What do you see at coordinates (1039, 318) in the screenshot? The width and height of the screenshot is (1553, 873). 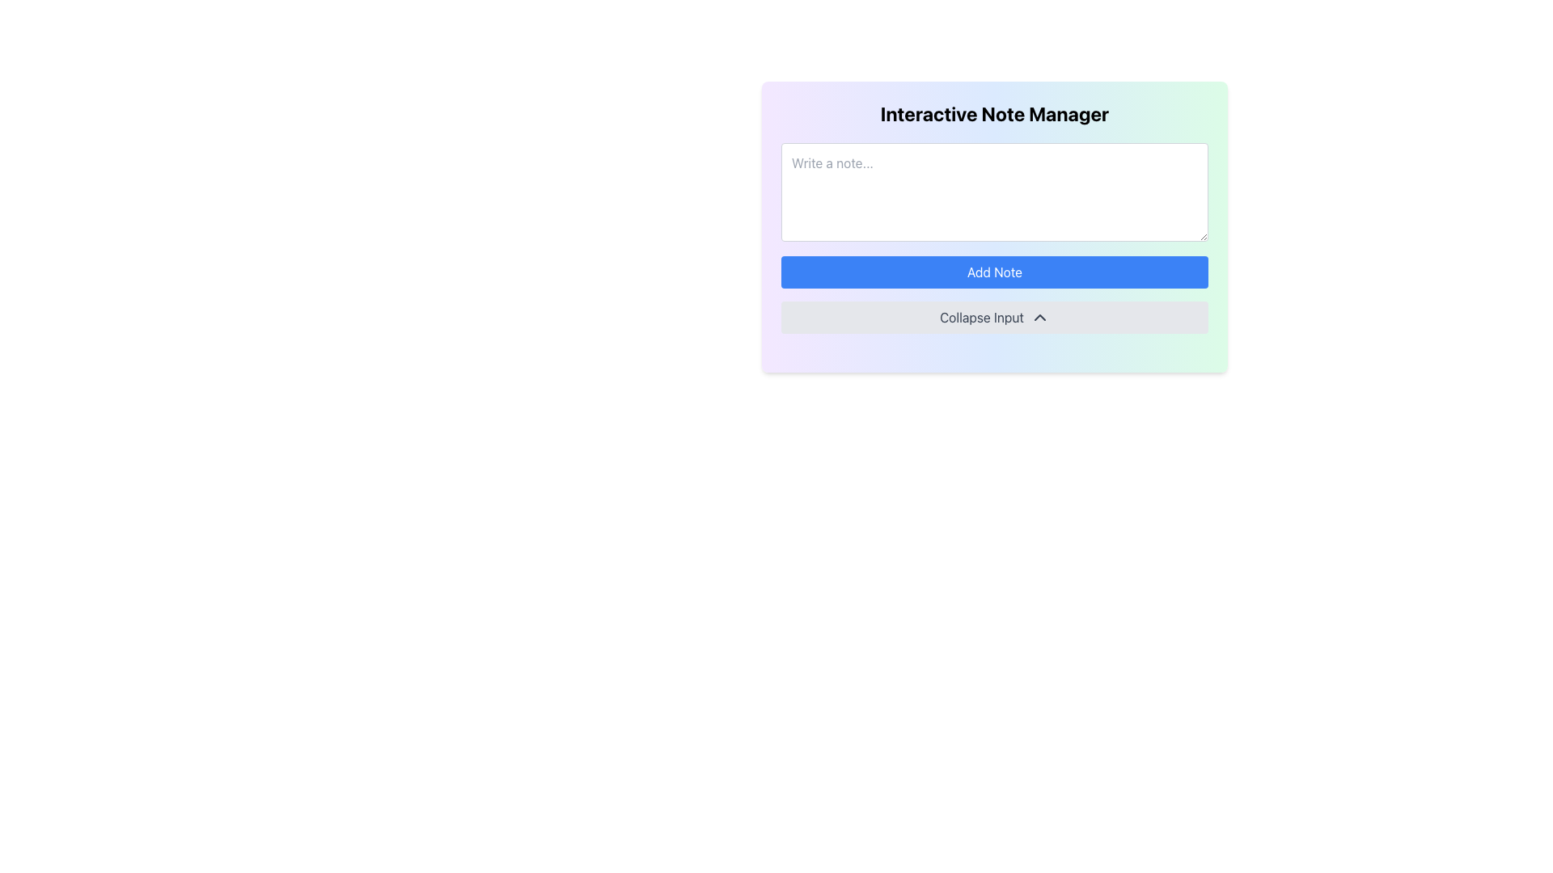 I see `the Chevron-up indicator icon located inside the 'Collapse Input' button, positioned at the lower section of the interface, near the right edge of the button` at bounding box center [1039, 318].